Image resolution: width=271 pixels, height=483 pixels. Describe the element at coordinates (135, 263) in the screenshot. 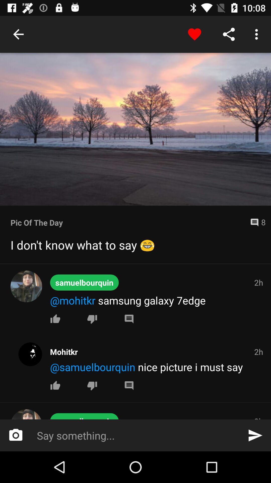

I see `item below i don t item` at that location.